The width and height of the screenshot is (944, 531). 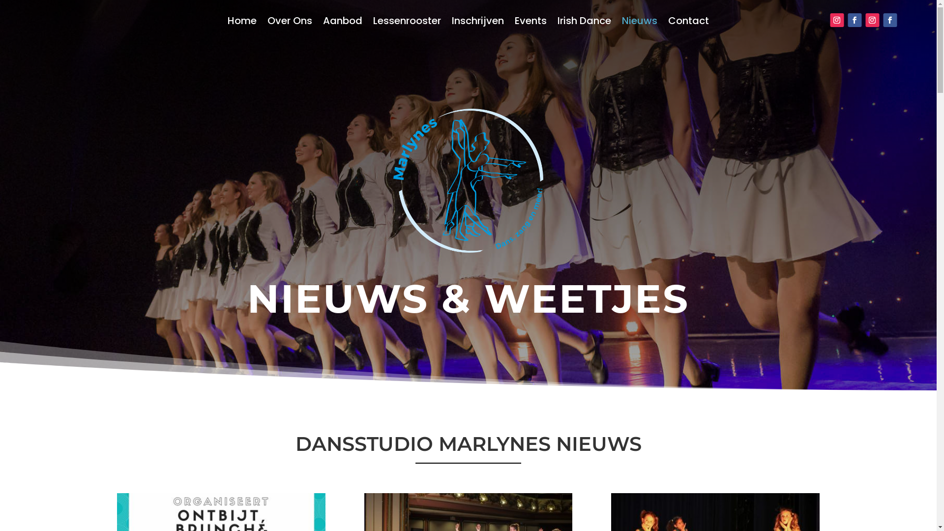 I want to click on 'Home', so click(x=242, y=22).